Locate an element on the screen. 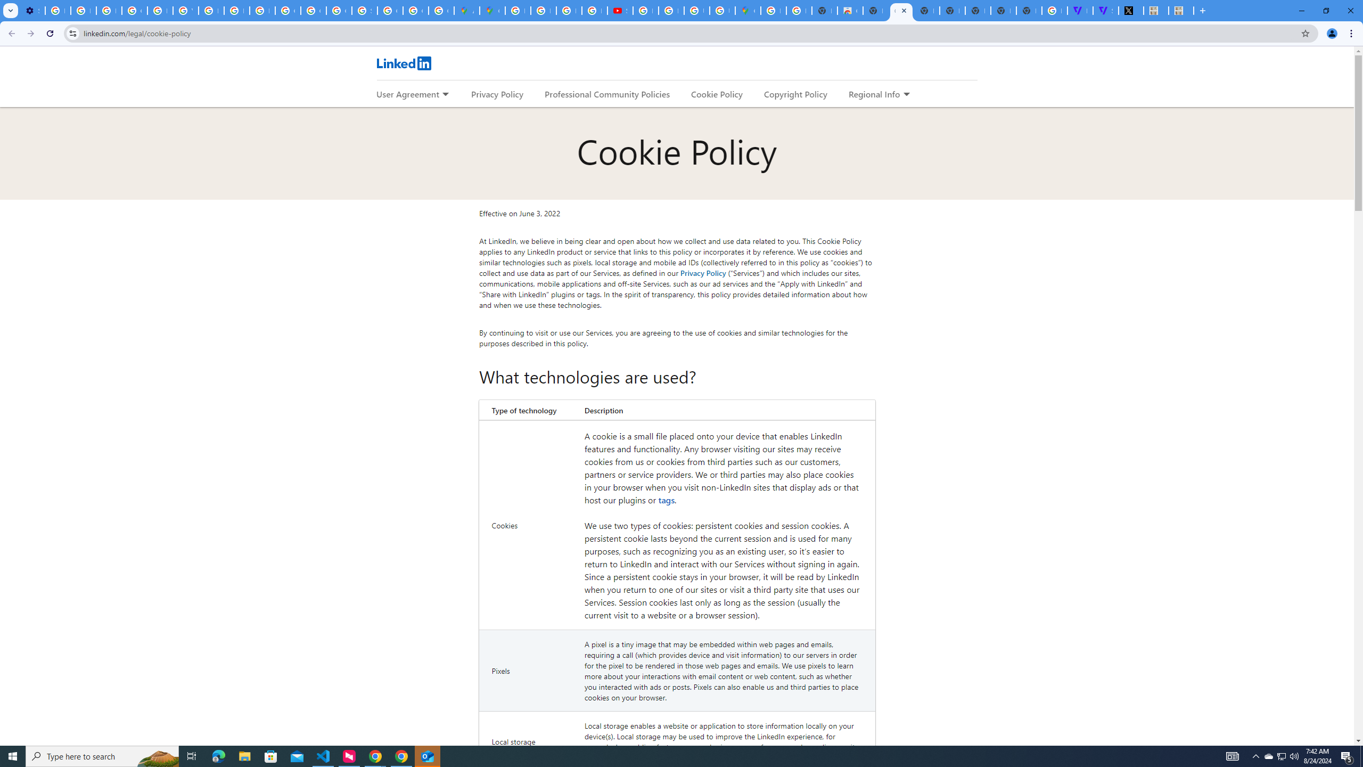 The height and width of the screenshot is (767, 1363). 'Address and search bar' is located at coordinates (688, 32).